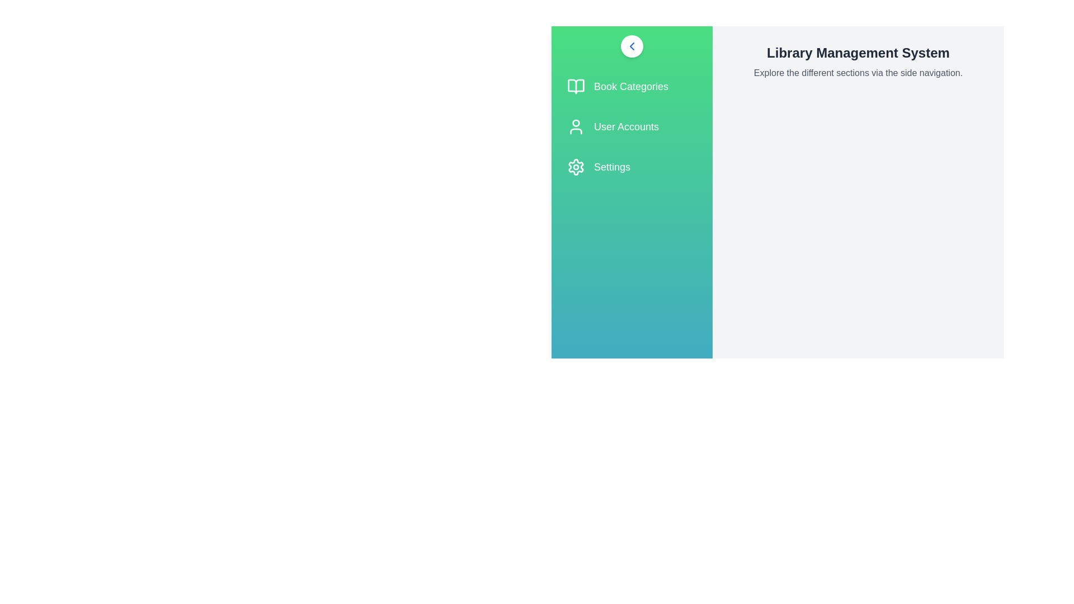 The height and width of the screenshot is (604, 1074). Describe the element at coordinates (632, 86) in the screenshot. I see `the 'Book Categories' menu item in the LibraryManagementDrawer` at that location.